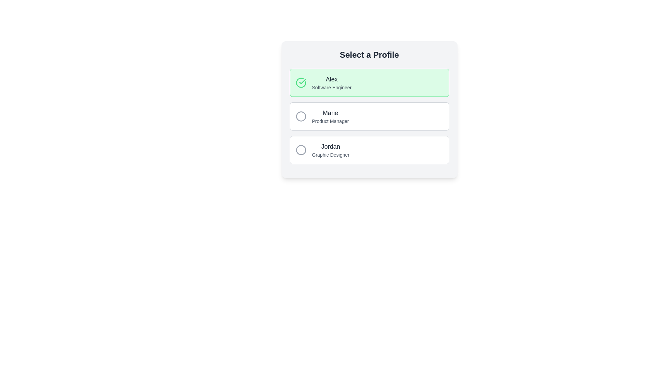 This screenshot has width=660, height=371. Describe the element at coordinates (369, 116) in the screenshot. I see `the selectable profile option 'Marie - Product Manager'` at that location.